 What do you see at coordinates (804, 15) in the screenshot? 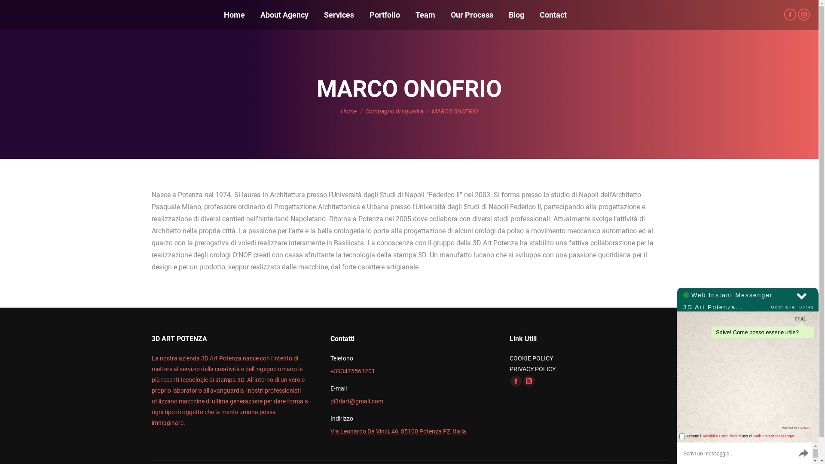
I see `'Instagram page opens in new window'` at bounding box center [804, 15].